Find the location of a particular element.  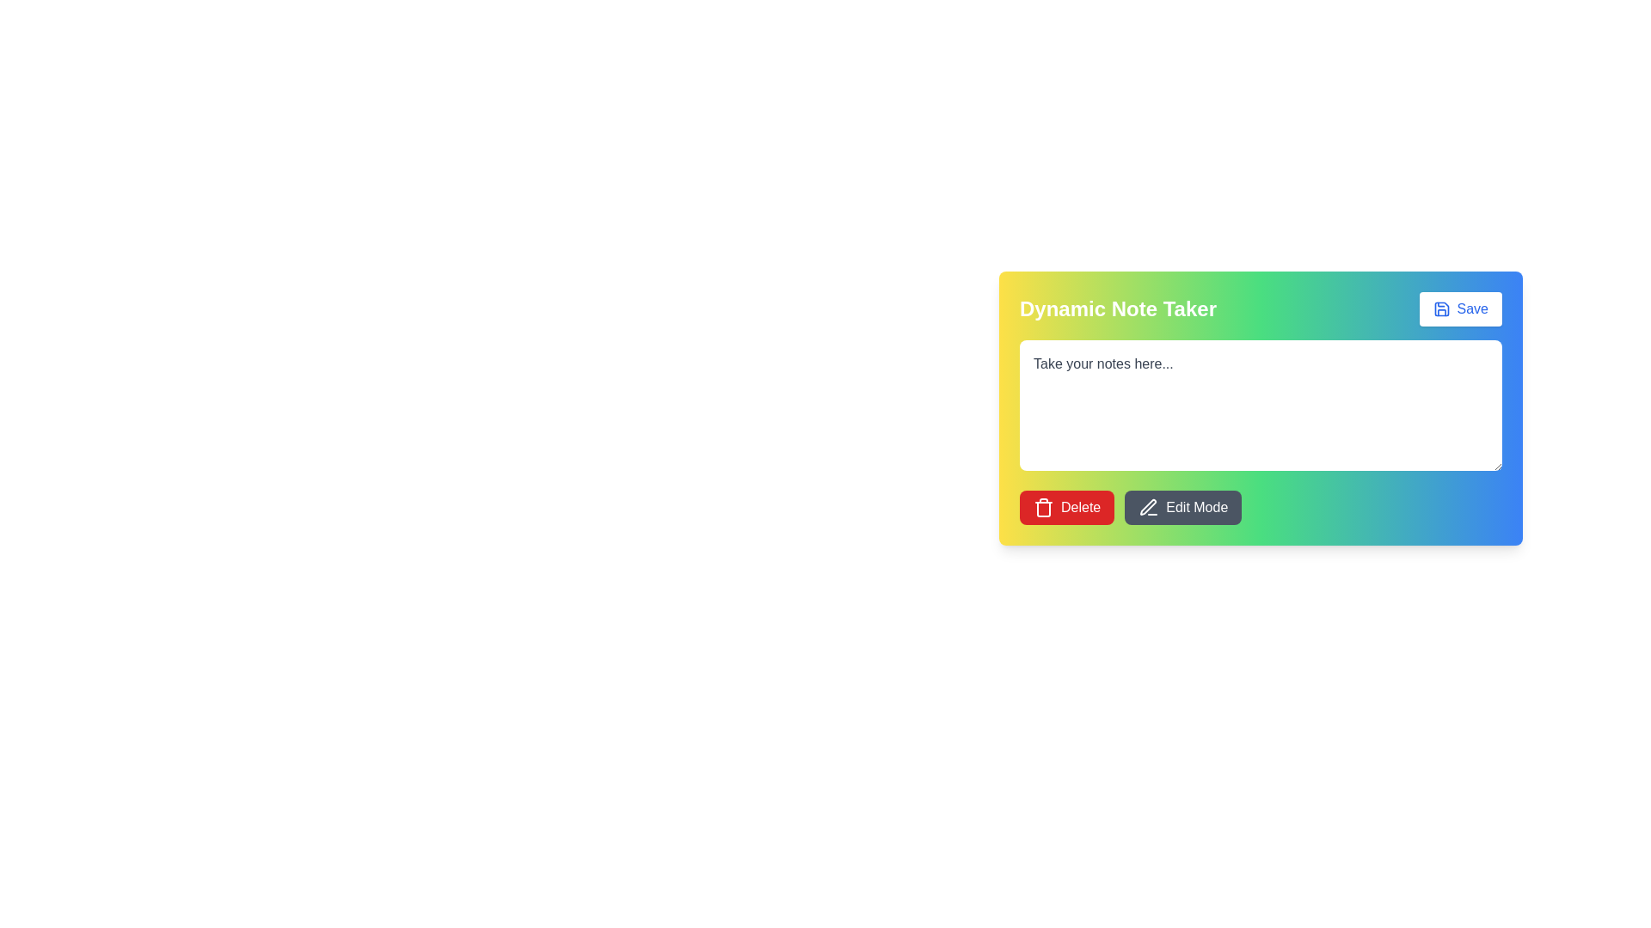

the 'Delete' button's icon, which resembles a trash can with a red background, to perform a delete action is located at coordinates (1043, 506).